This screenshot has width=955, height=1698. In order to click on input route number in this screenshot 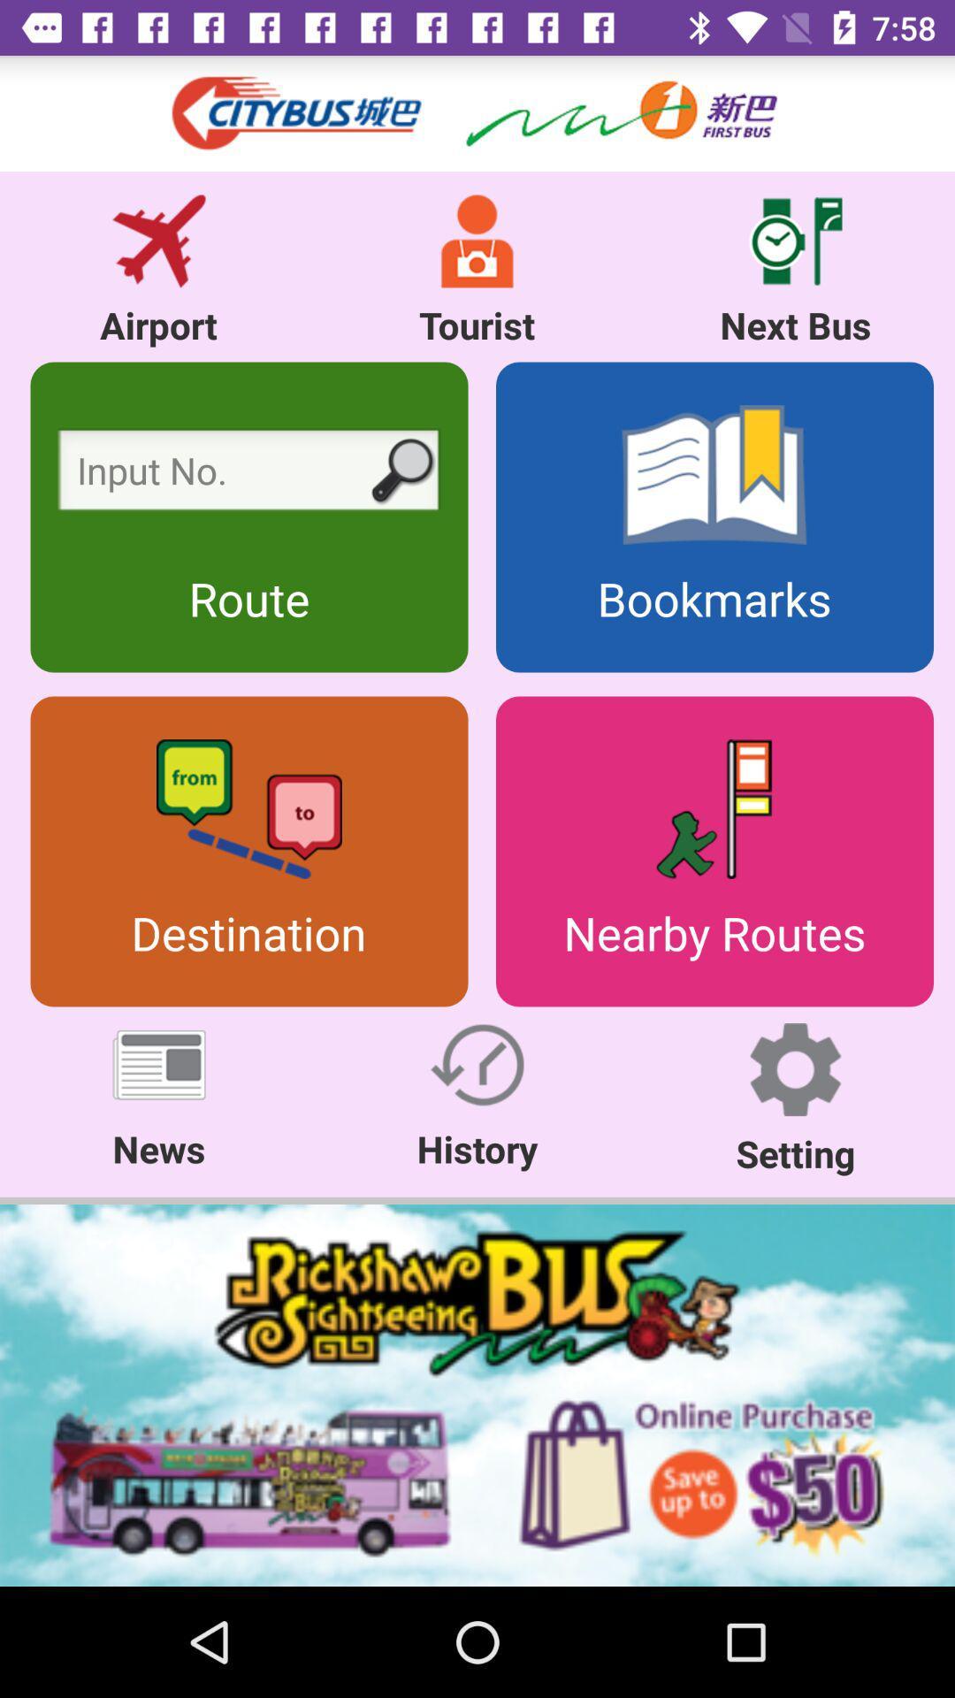, I will do `click(248, 475)`.